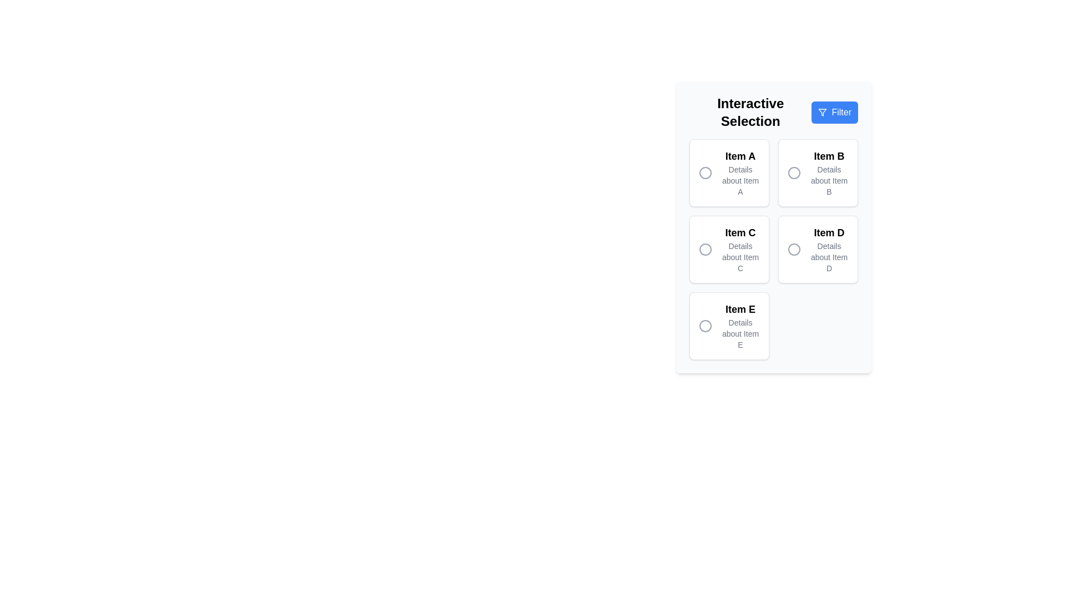 Image resolution: width=1065 pixels, height=599 pixels. What do you see at coordinates (705, 250) in the screenshot?
I see `the circular radio button associated with 'Item C'` at bounding box center [705, 250].